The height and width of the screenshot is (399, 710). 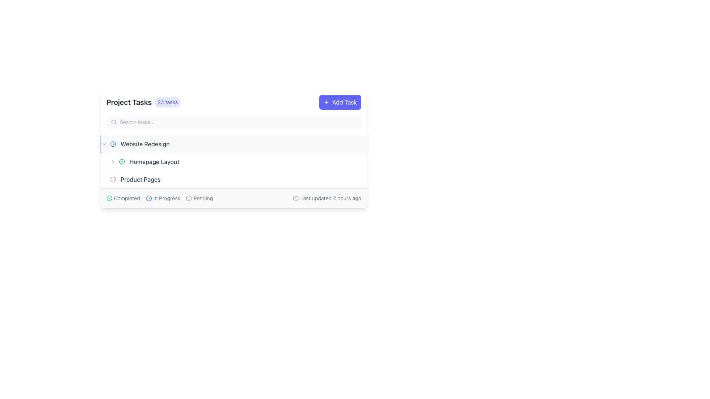 I want to click on the circular button in the task entry interface under user 'Emma Wilson', so click(x=358, y=180).